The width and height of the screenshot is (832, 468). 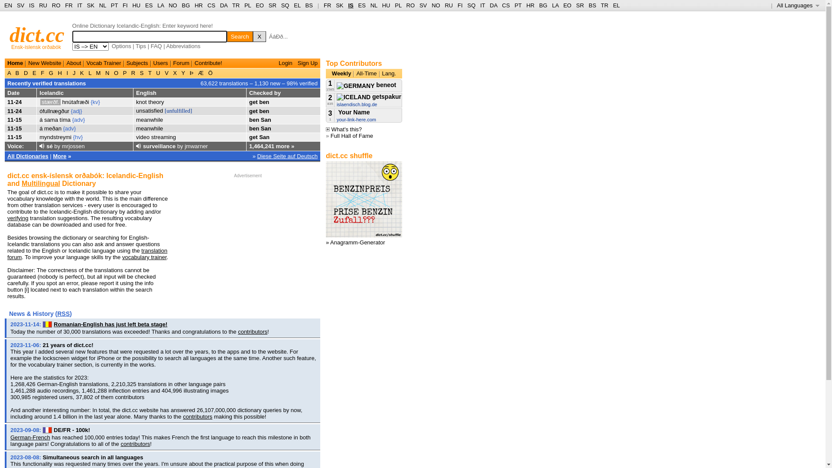 What do you see at coordinates (482, 5) in the screenshot?
I see `'IT'` at bounding box center [482, 5].